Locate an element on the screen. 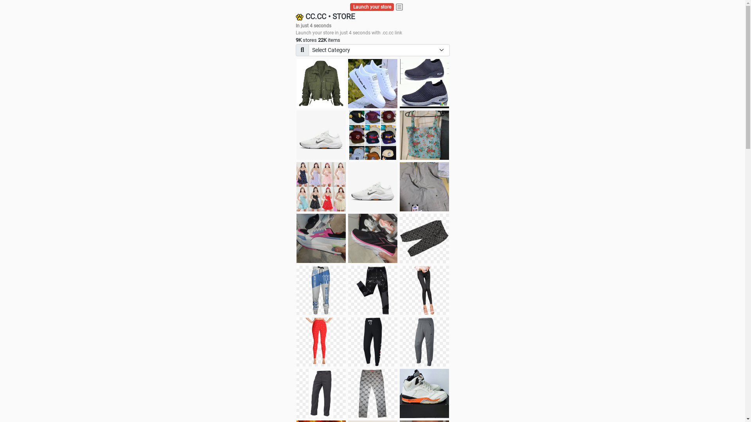 The image size is (751, 422). 'Zapatillas pumas' is located at coordinates (321, 238).